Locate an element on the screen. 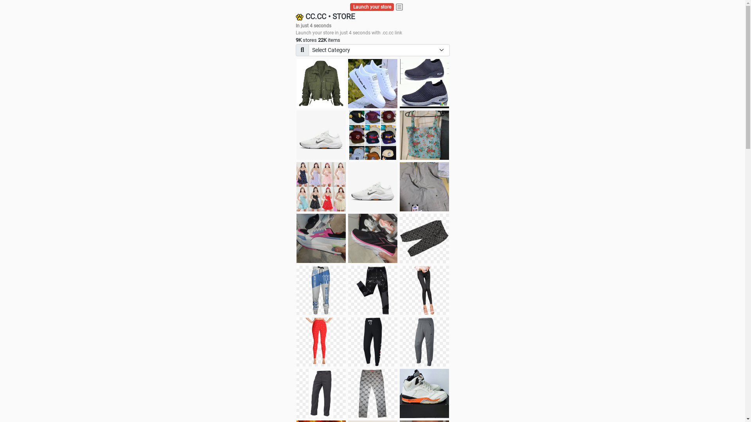 The image size is (751, 422). 'Zapatillas pumas' is located at coordinates (321, 238).